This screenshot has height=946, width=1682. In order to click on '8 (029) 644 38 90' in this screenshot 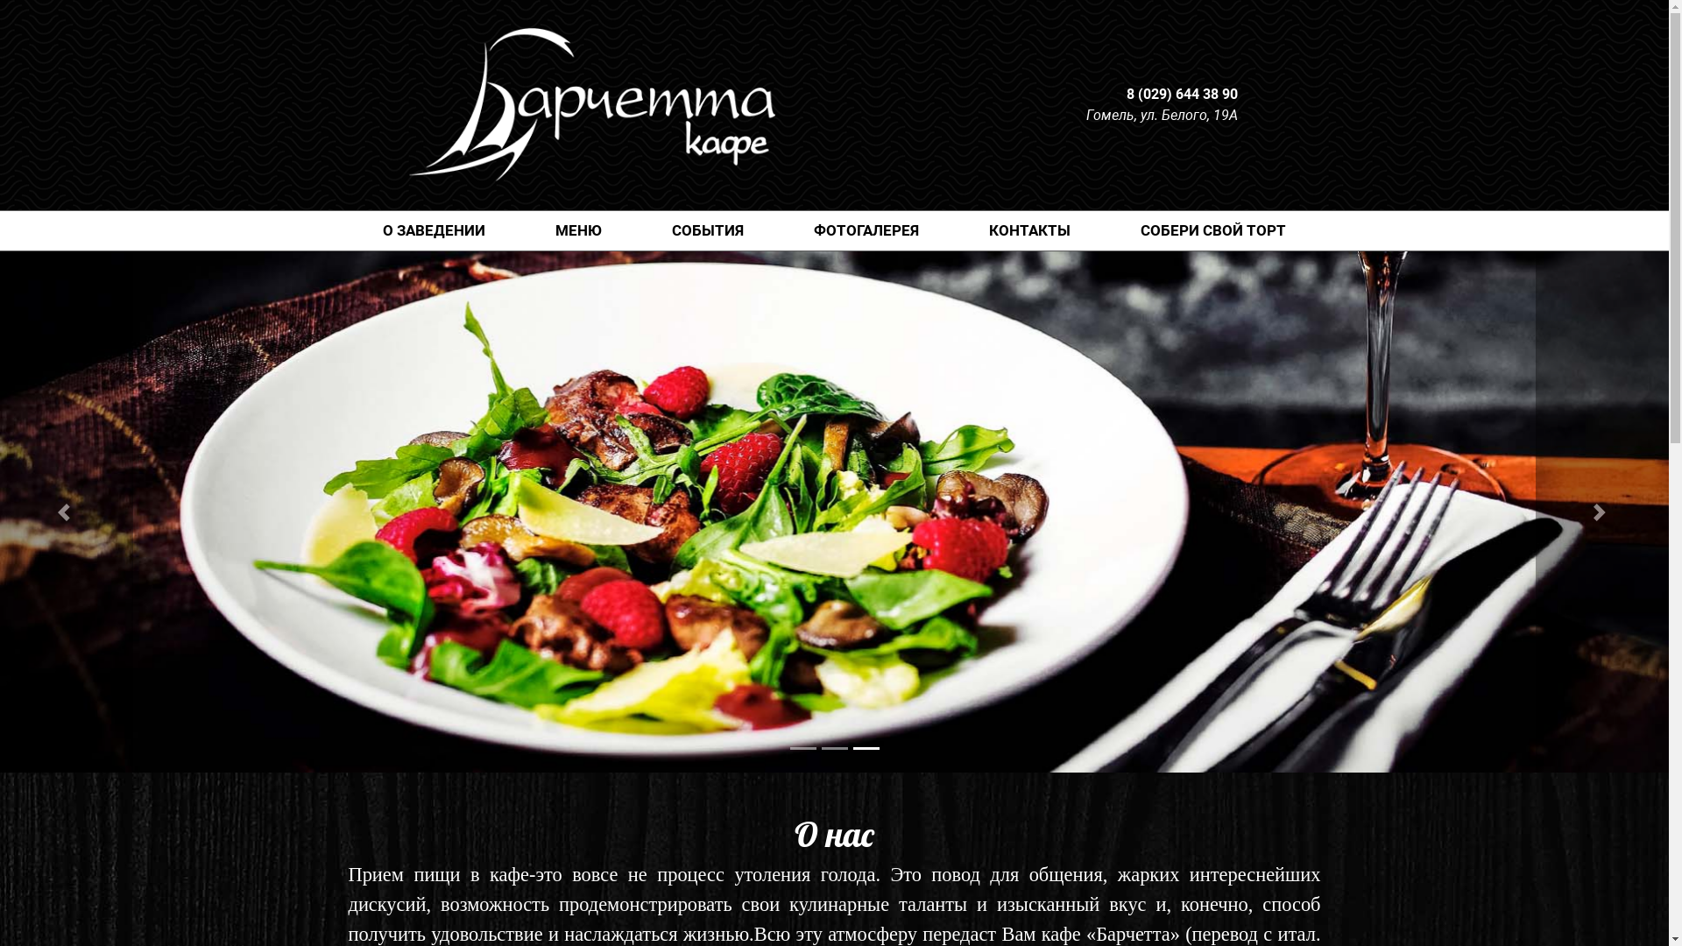, I will do `click(1182, 94)`.